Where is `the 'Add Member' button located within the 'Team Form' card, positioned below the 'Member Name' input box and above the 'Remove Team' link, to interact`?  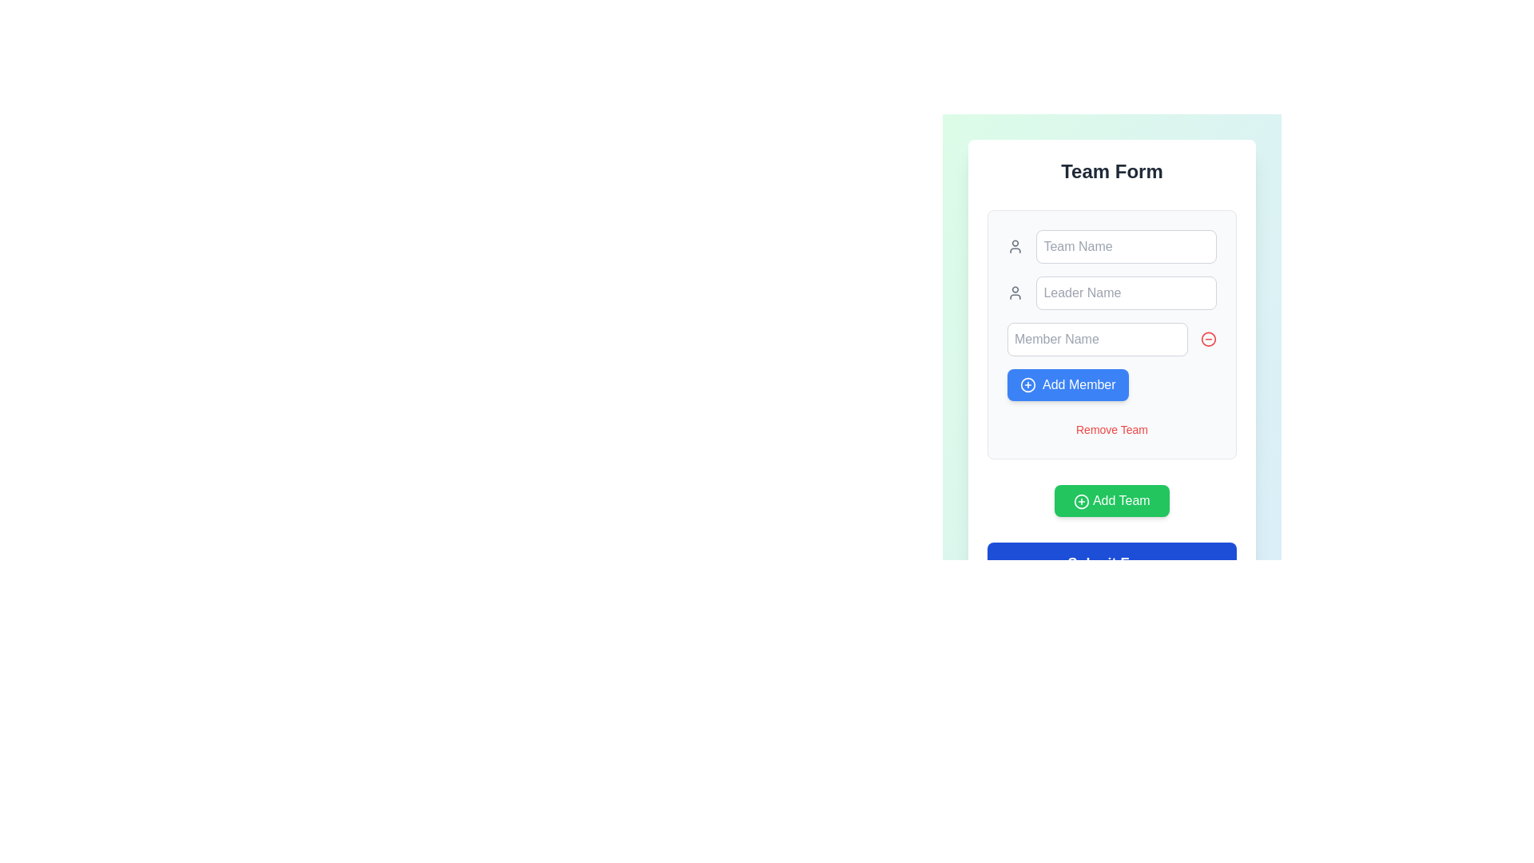 the 'Add Member' button located within the 'Team Form' card, positioned below the 'Member Name' input box and above the 'Remove Team' link, to interact is located at coordinates (1067, 385).